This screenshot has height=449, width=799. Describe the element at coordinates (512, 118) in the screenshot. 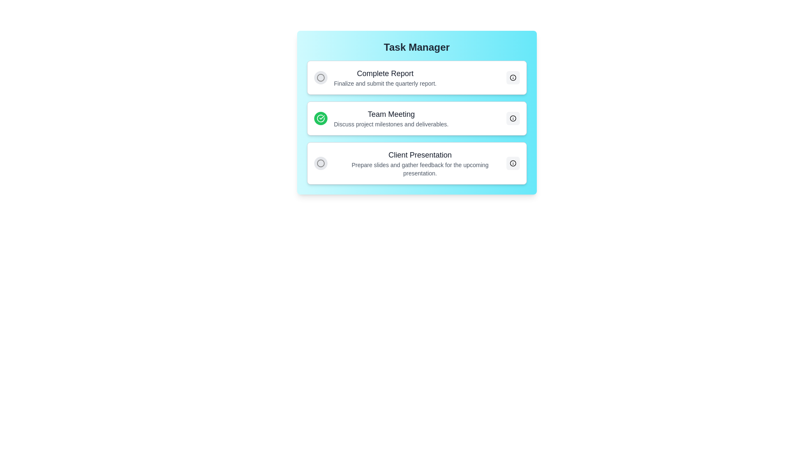

I see `the informational button located` at that location.